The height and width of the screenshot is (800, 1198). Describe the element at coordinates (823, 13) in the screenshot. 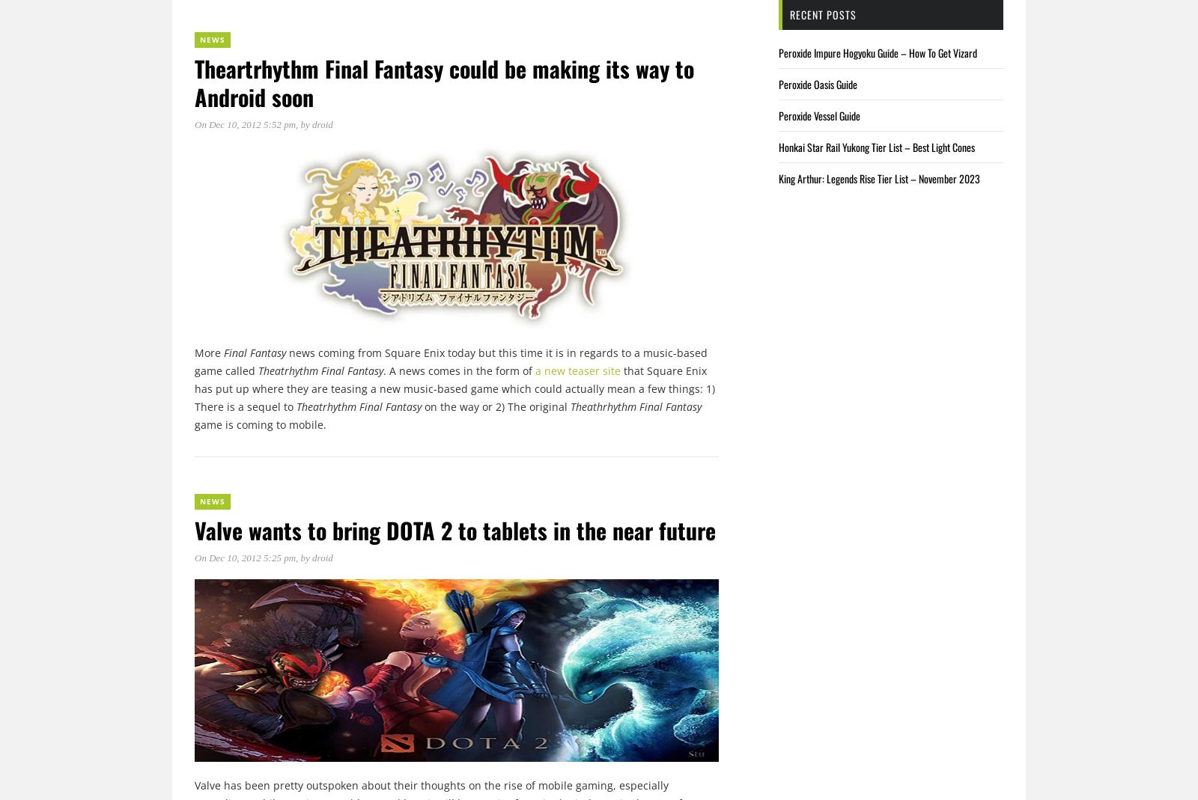

I see `'Recent Posts'` at that location.